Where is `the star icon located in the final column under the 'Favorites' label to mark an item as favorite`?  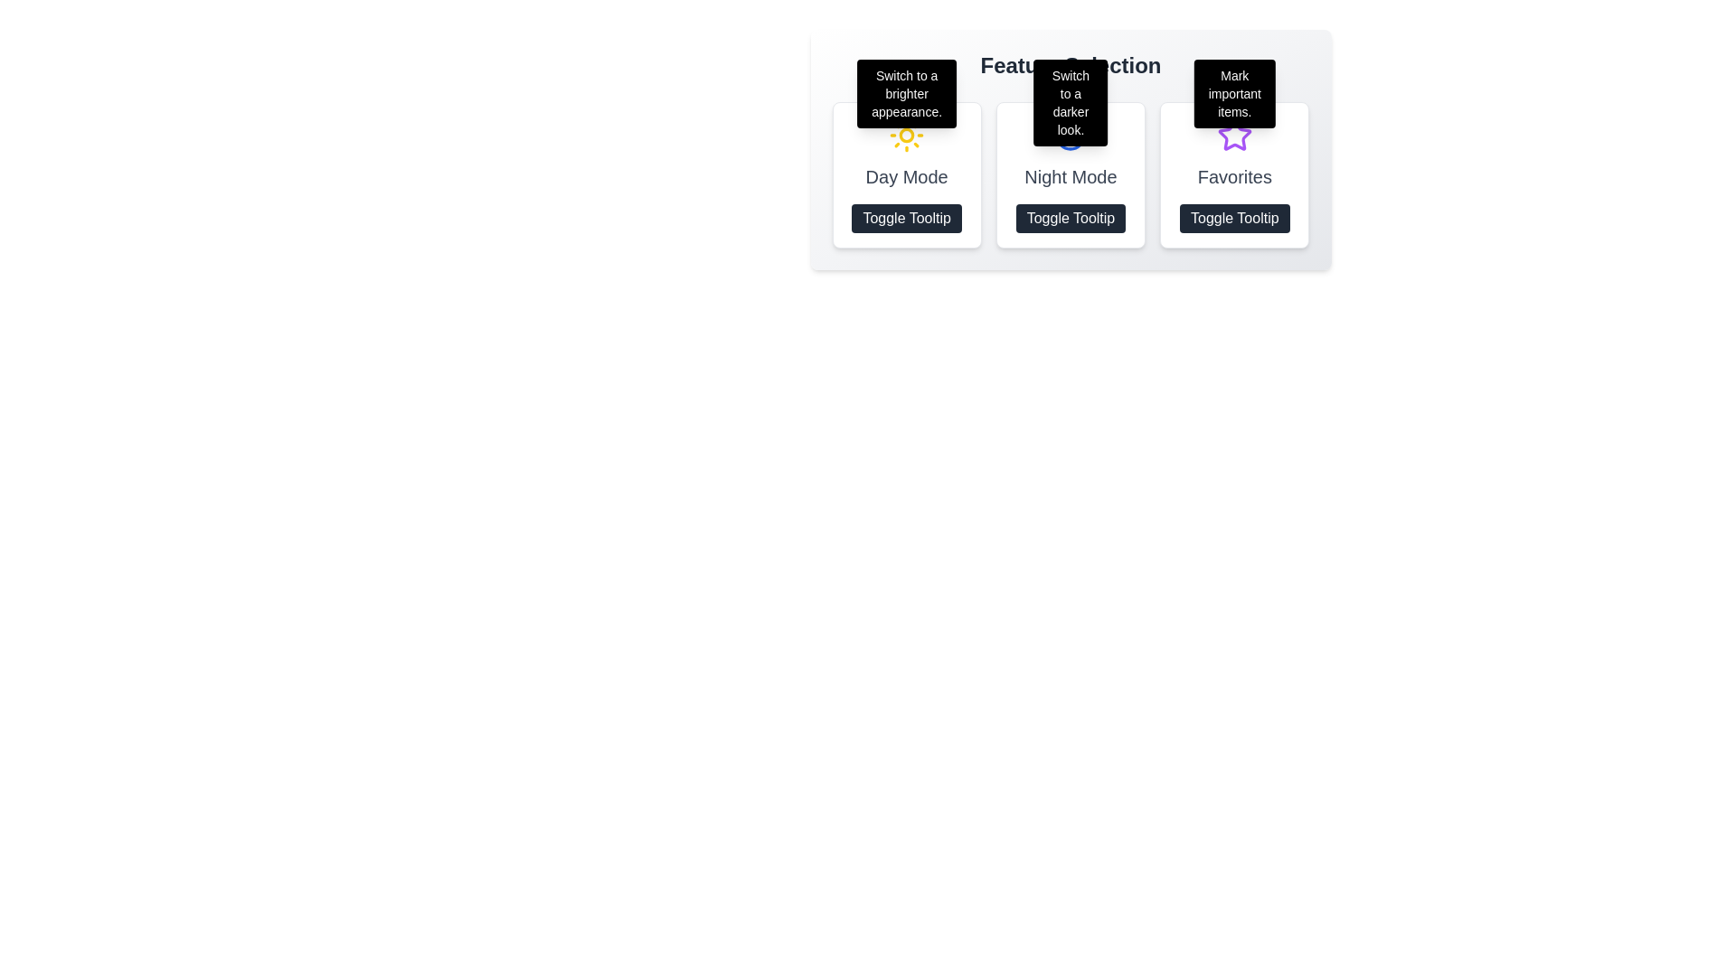
the star icon located in the final column under the 'Favorites' label to mark an item as favorite is located at coordinates (1233, 134).